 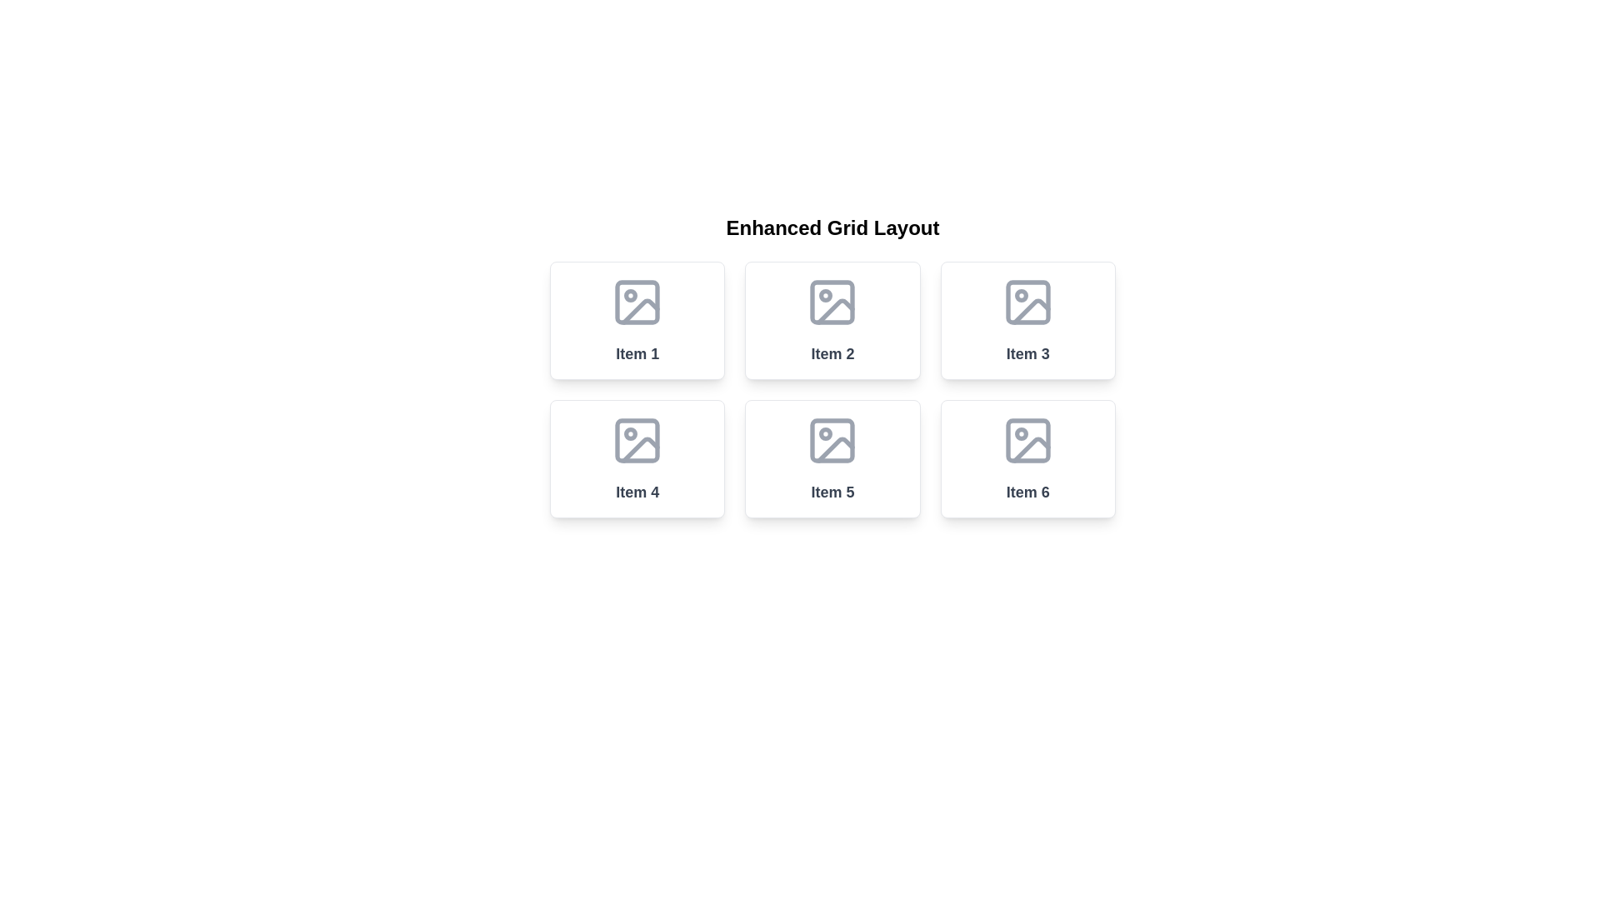 I want to click on the Text label positioned at the bottom-center of the first card in the grid layout, so click(x=637, y=352).